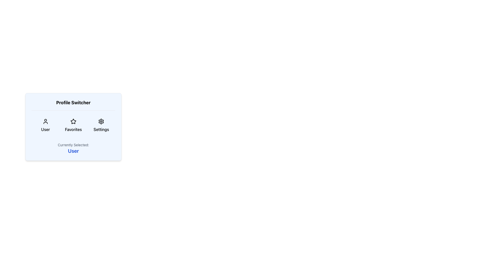  Describe the element at coordinates (73, 125) in the screenshot. I see `the 'Favorites' button, which features a star-shaped icon and a label reading 'Favorites'` at that location.